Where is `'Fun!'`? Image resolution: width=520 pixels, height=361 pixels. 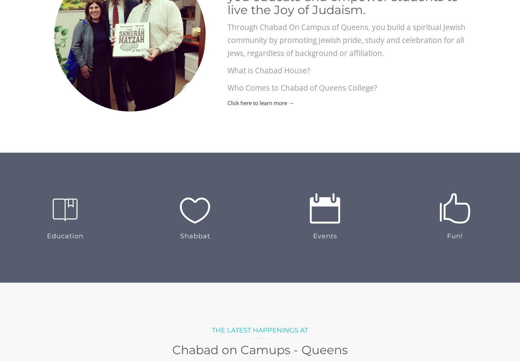 'Fun!' is located at coordinates (455, 236).